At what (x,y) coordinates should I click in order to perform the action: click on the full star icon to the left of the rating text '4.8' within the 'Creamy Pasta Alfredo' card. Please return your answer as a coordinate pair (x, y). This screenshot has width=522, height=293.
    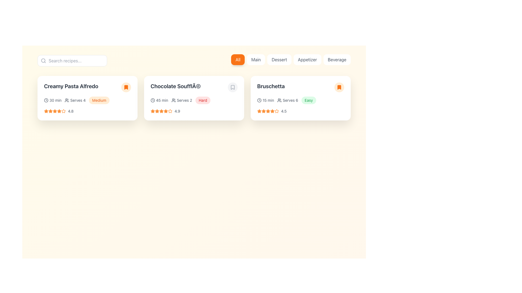
    Looking at the image, I should click on (59, 111).